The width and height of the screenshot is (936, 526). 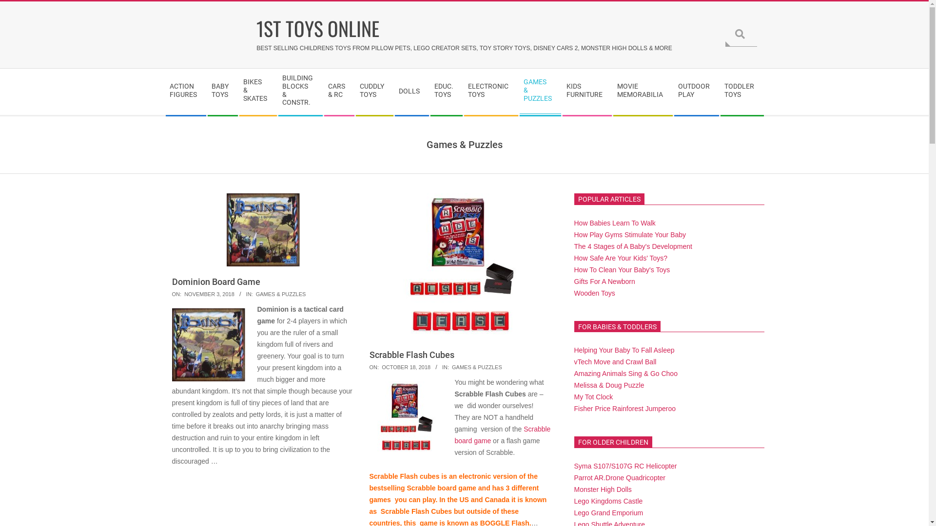 What do you see at coordinates (411, 92) in the screenshot?
I see `'DOLLS'` at bounding box center [411, 92].